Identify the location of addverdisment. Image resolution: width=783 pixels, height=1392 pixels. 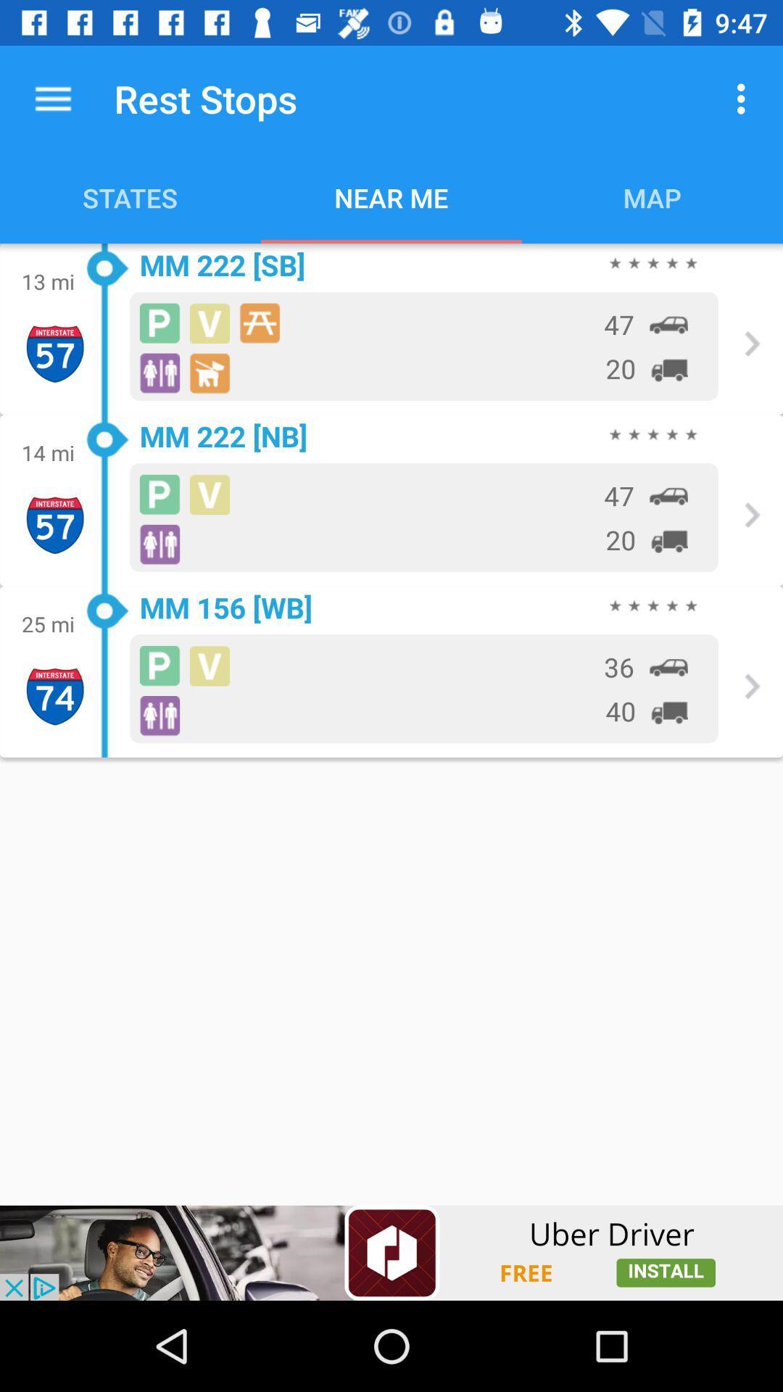
(391, 1252).